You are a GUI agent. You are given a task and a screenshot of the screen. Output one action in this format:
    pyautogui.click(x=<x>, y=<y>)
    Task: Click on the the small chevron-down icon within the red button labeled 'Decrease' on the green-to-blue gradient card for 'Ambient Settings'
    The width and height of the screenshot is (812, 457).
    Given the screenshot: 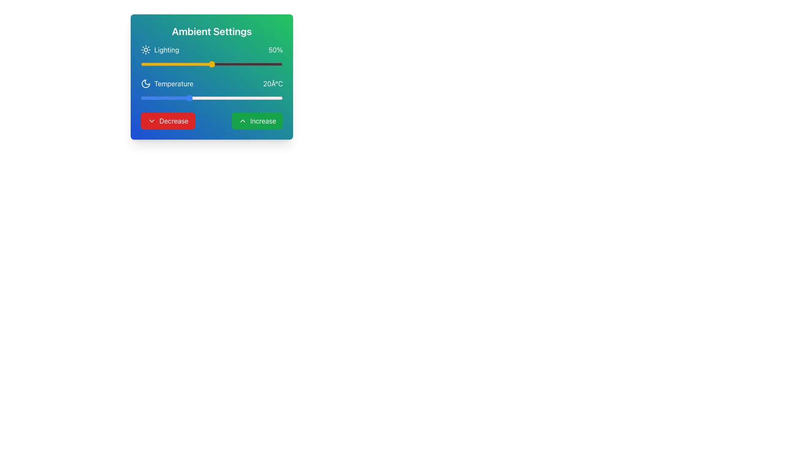 What is the action you would take?
    pyautogui.click(x=152, y=121)
    